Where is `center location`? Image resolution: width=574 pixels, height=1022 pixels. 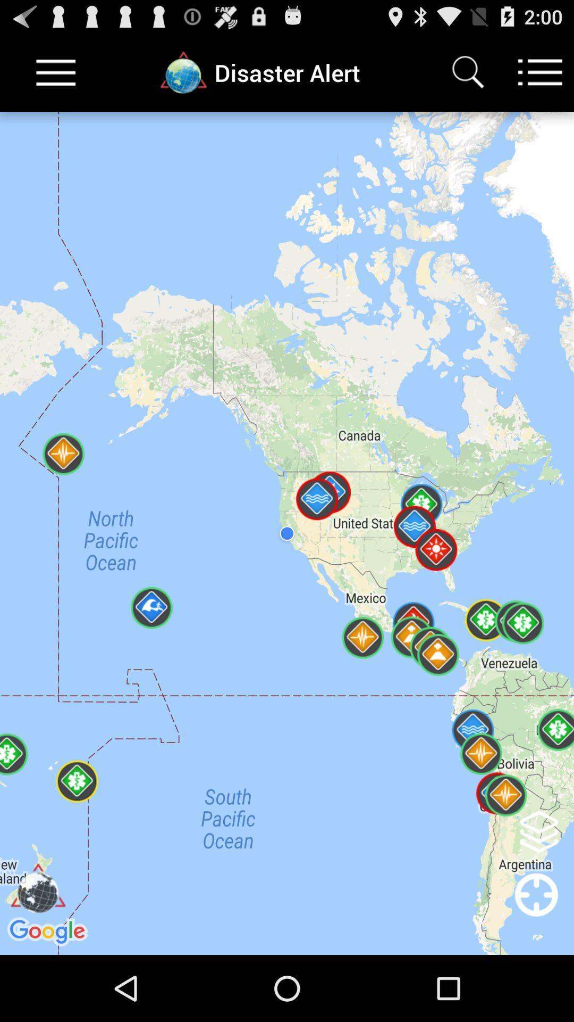
center location is located at coordinates (536, 908).